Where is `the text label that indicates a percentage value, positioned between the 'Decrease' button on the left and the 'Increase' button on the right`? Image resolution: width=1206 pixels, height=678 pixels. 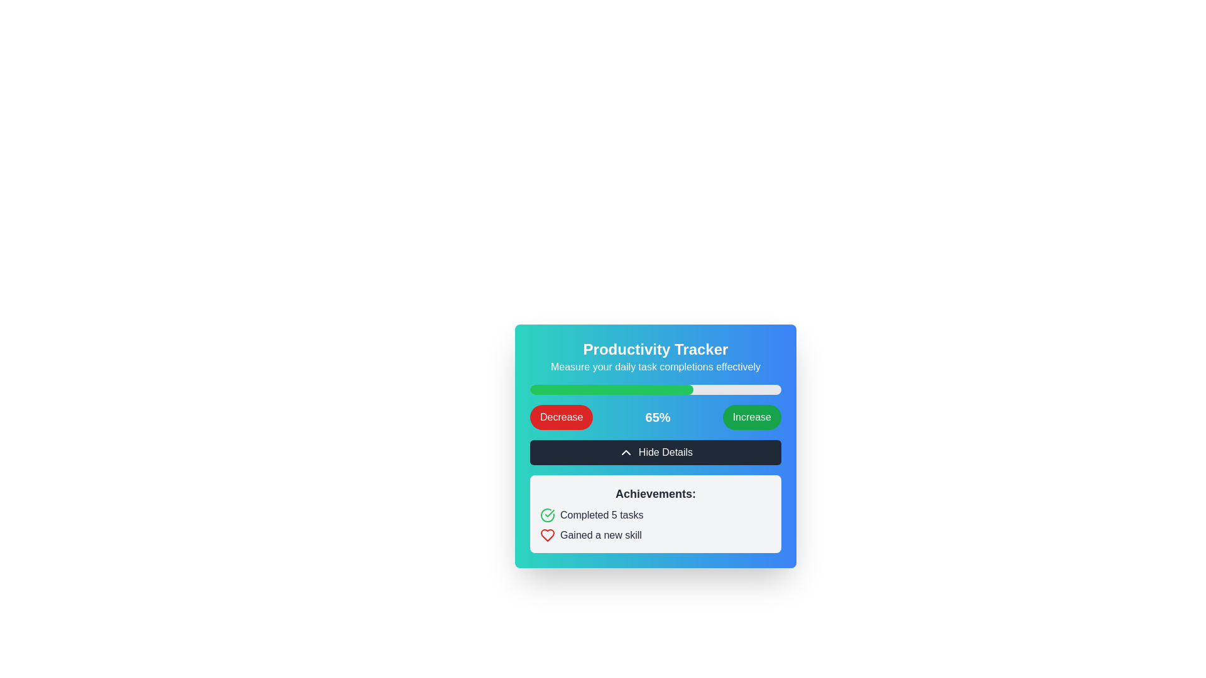
the text label that indicates a percentage value, positioned between the 'Decrease' button on the left and the 'Increase' button on the right is located at coordinates (657, 417).